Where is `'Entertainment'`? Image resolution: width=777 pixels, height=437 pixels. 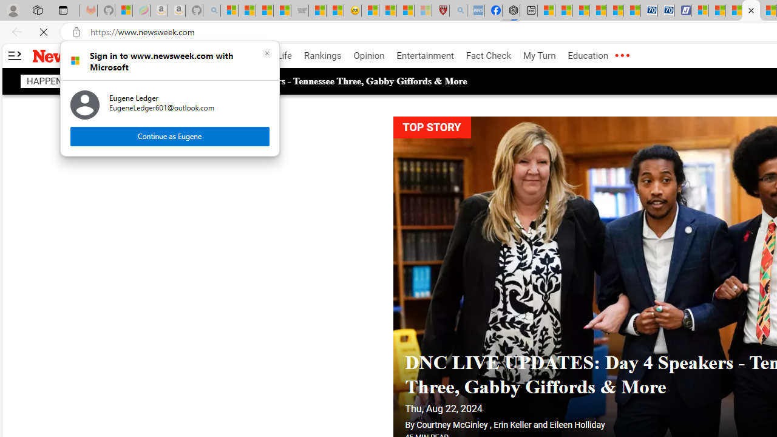 'Entertainment' is located at coordinates (425, 56).